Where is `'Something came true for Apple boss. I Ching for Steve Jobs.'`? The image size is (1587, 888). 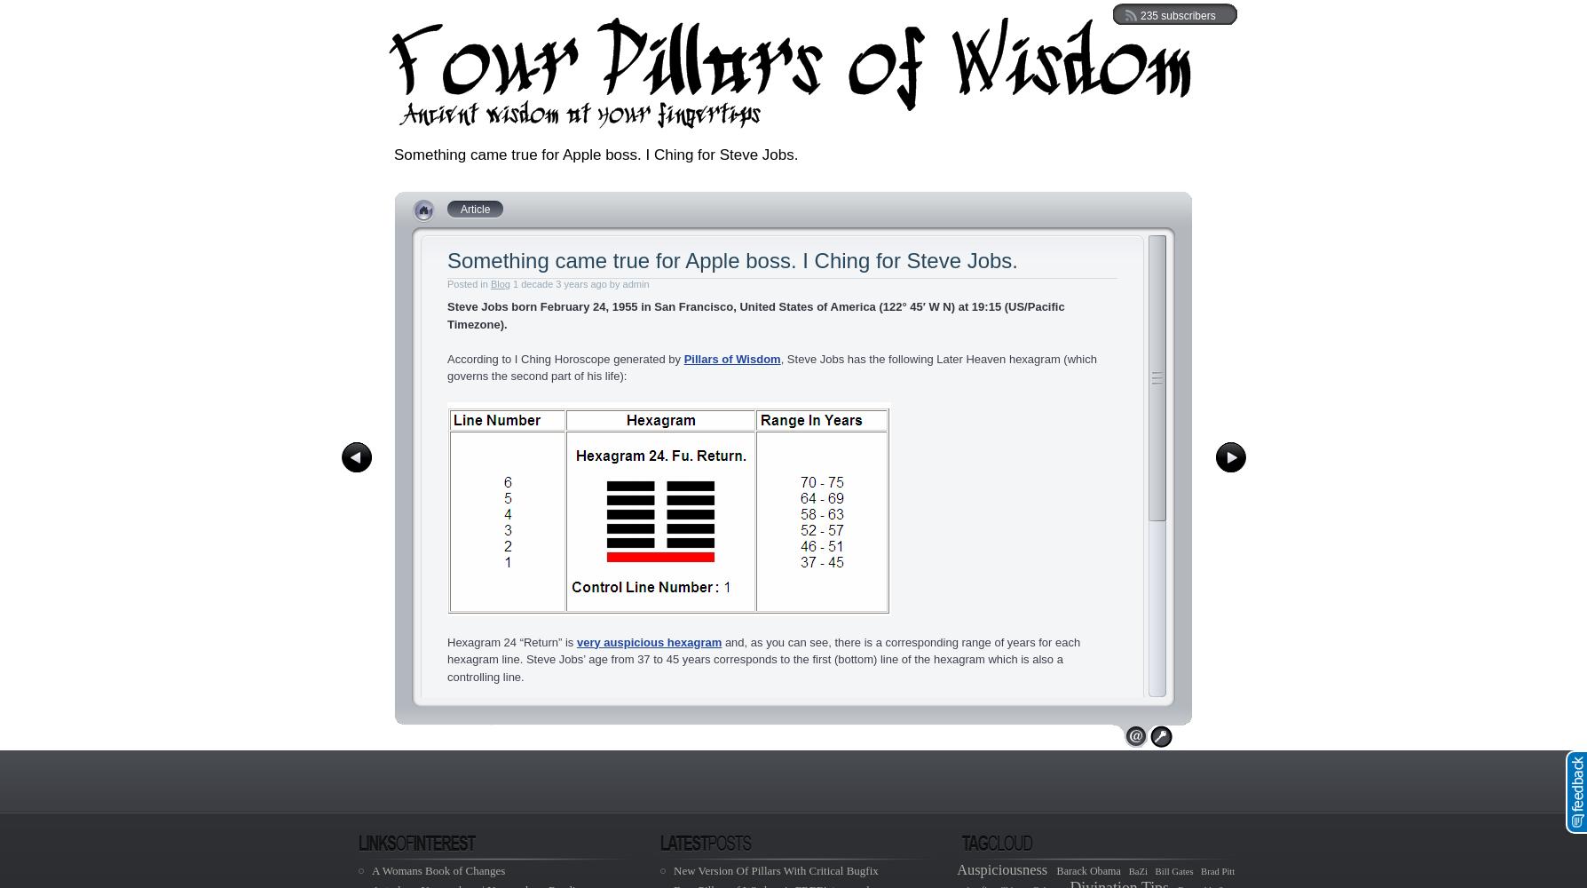
'Something came true for Apple boss. I Ching for Steve Jobs.' is located at coordinates (595, 155).